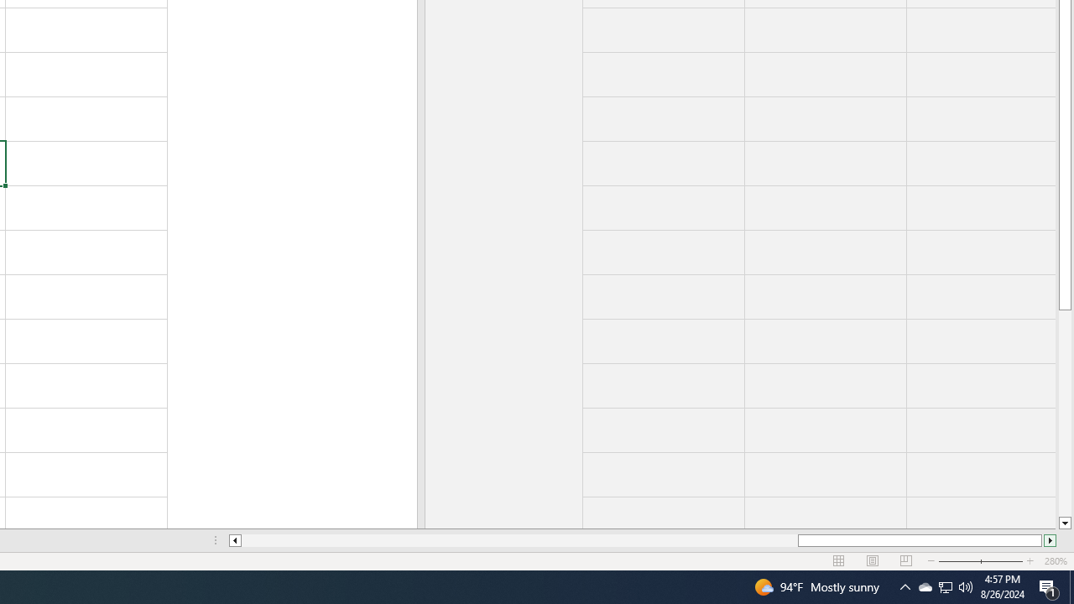 The height and width of the screenshot is (604, 1074). I want to click on 'Class: NetUIScrollBar', so click(642, 540).